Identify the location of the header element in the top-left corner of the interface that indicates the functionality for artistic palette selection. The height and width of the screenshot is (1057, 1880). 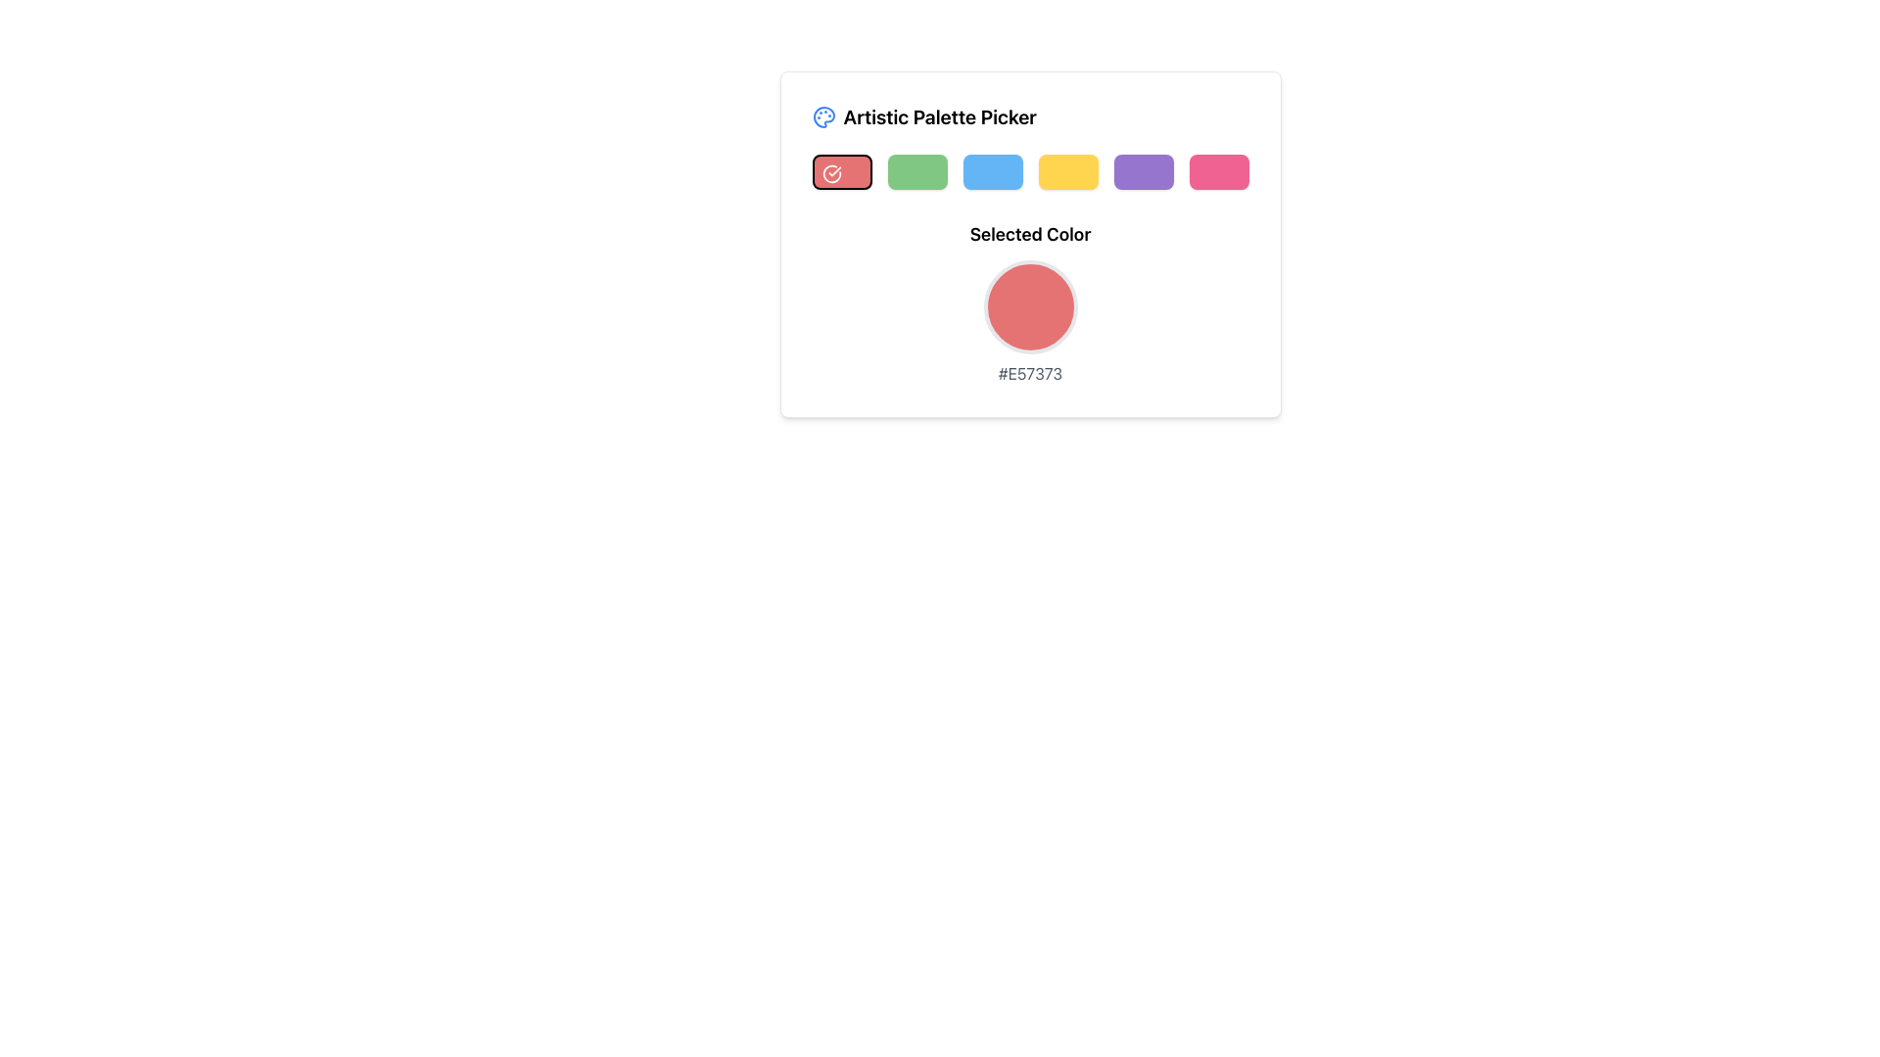
(923, 116).